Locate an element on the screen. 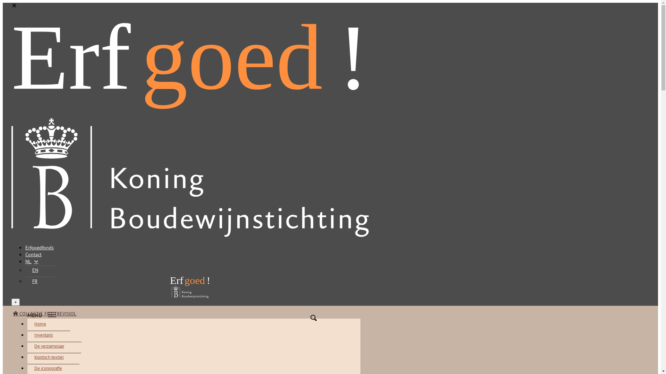 Image resolution: width=666 pixels, height=374 pixels. 'De verzamelaar' is located at coordinates (27, 346).